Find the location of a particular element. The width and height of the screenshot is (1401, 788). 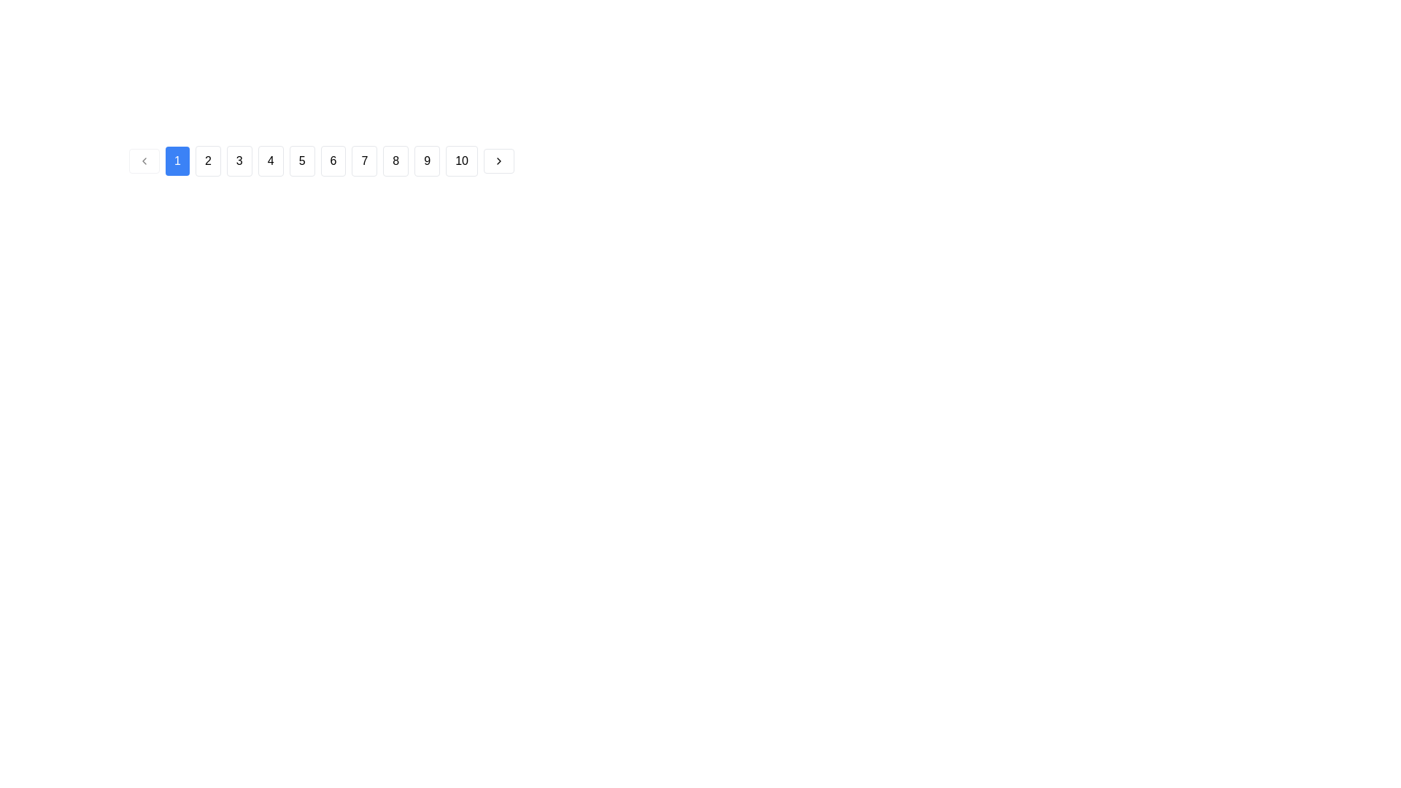

the seventh button in the pagination control is located at coordinates (364, 161).